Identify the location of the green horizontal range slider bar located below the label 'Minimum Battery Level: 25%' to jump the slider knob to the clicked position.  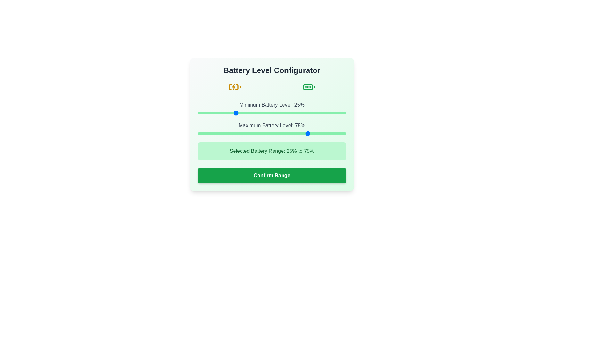
(272, 113).